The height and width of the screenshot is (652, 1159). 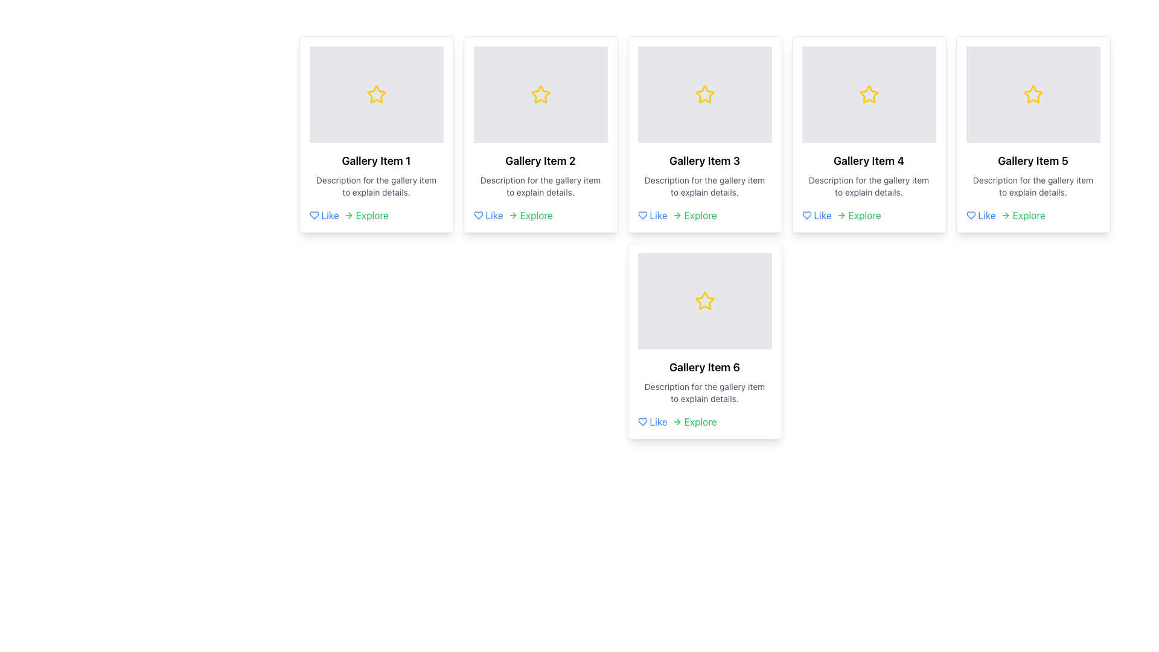 What do you see at coordinates (652, 421) in the screenshot?
I see `the blue 'Like' text link with a heart-shaped icon located at the bottom-left corner of the card section labeled 'Gallery Item 6' to like the gallery item` at bounding box center [652, 421].